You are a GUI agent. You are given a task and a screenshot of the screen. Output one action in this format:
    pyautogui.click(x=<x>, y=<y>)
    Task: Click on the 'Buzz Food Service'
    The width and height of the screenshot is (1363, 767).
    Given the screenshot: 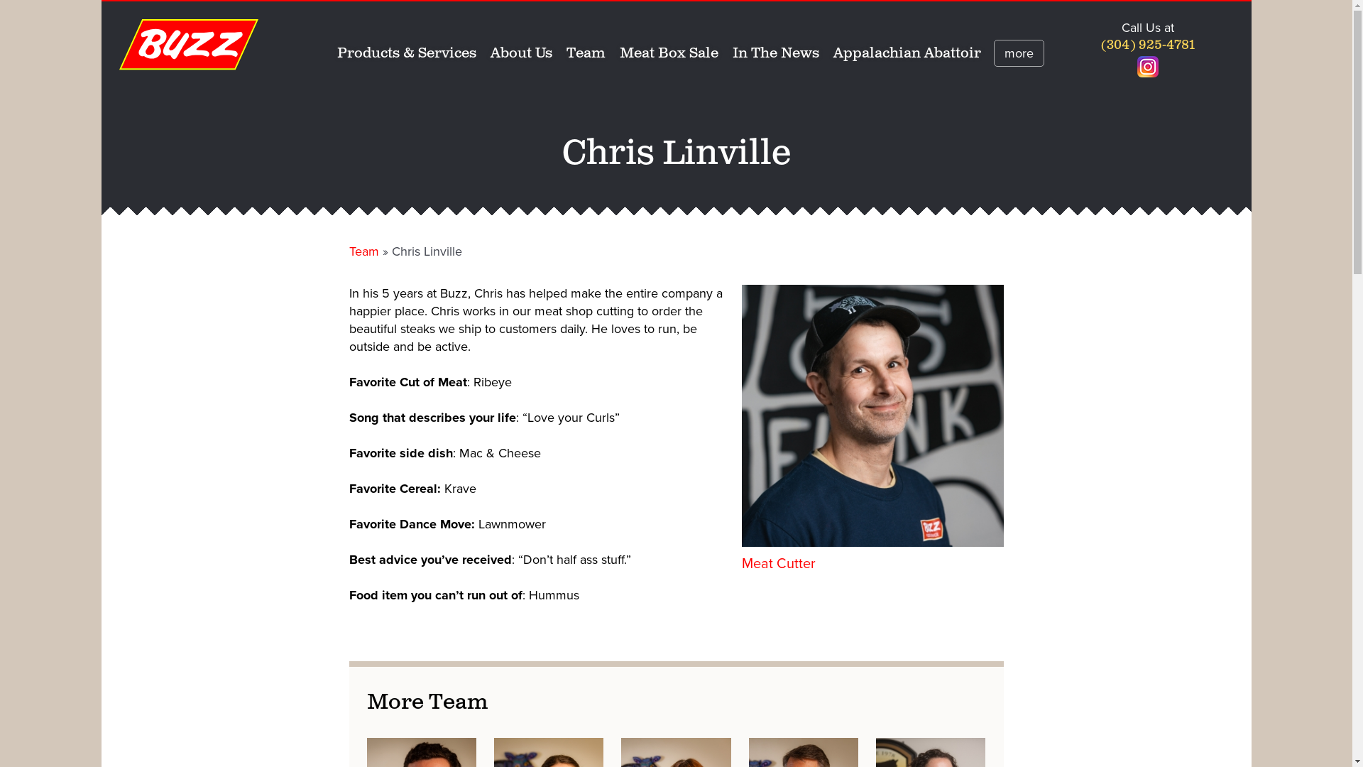 What is the action you would take?
    pyautogui.click(x=188, y=43)
    